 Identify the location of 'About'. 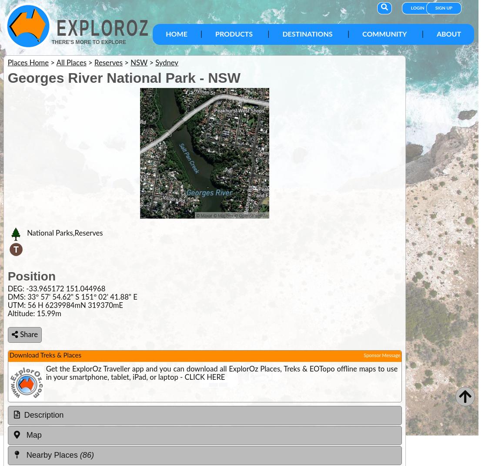
(436, 34).